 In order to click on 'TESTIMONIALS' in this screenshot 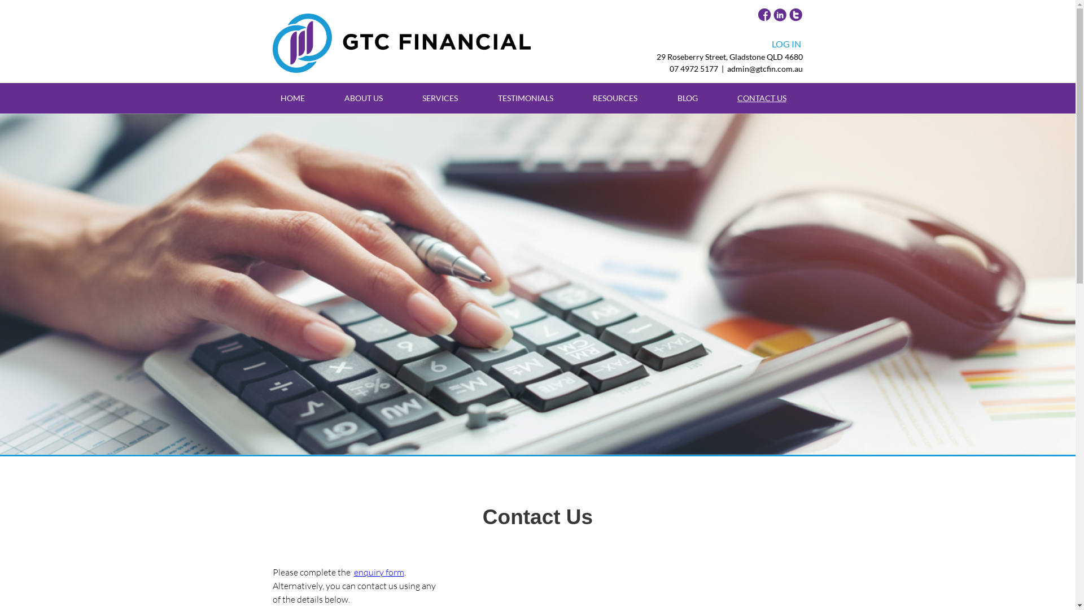, I will do `click(525, 97)`.